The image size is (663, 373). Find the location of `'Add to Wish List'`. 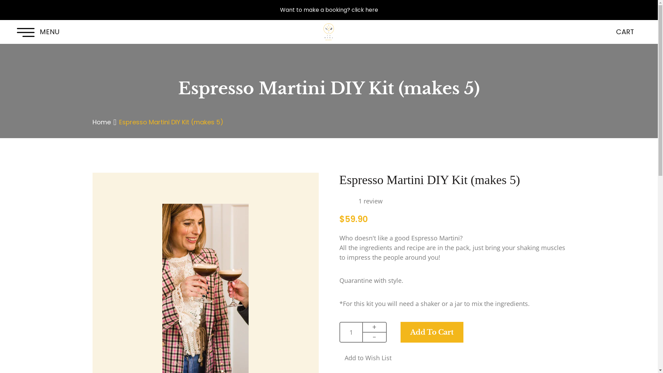

'Add to Wish List' is located at coordinates (365, 357).